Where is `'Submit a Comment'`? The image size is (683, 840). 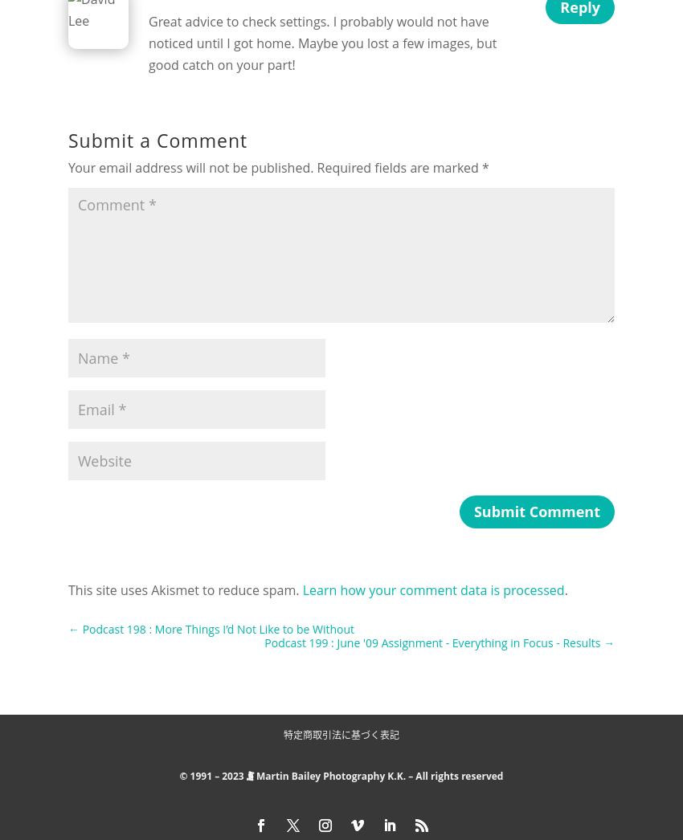 'Submit a Comment' is located at coordinates (157, 139).